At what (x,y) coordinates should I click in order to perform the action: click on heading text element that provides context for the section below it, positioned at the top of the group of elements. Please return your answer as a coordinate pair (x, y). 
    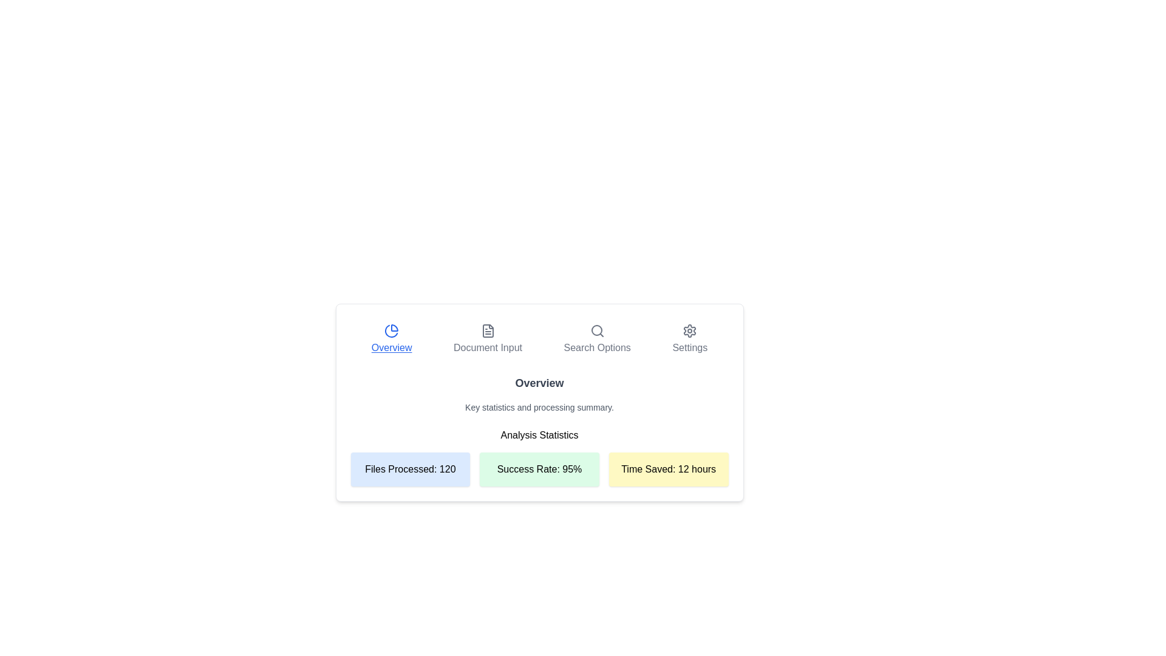
    Looking at the image, I should click on (539, 383).